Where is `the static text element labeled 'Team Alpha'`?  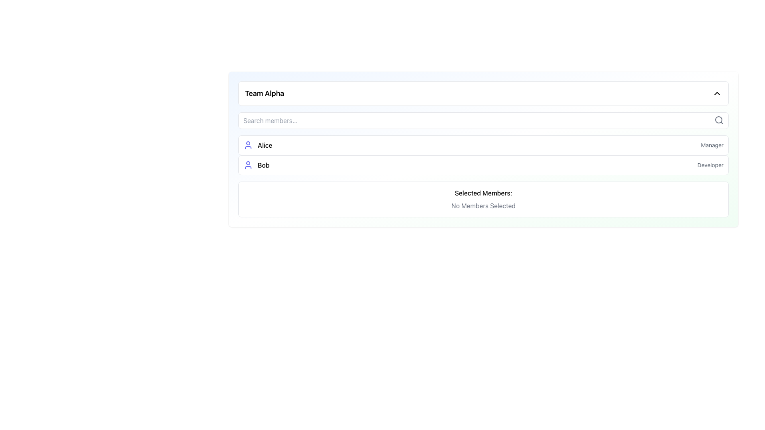
the static text element labeled 'Team Alpha' is located at coordinates (265, 93).